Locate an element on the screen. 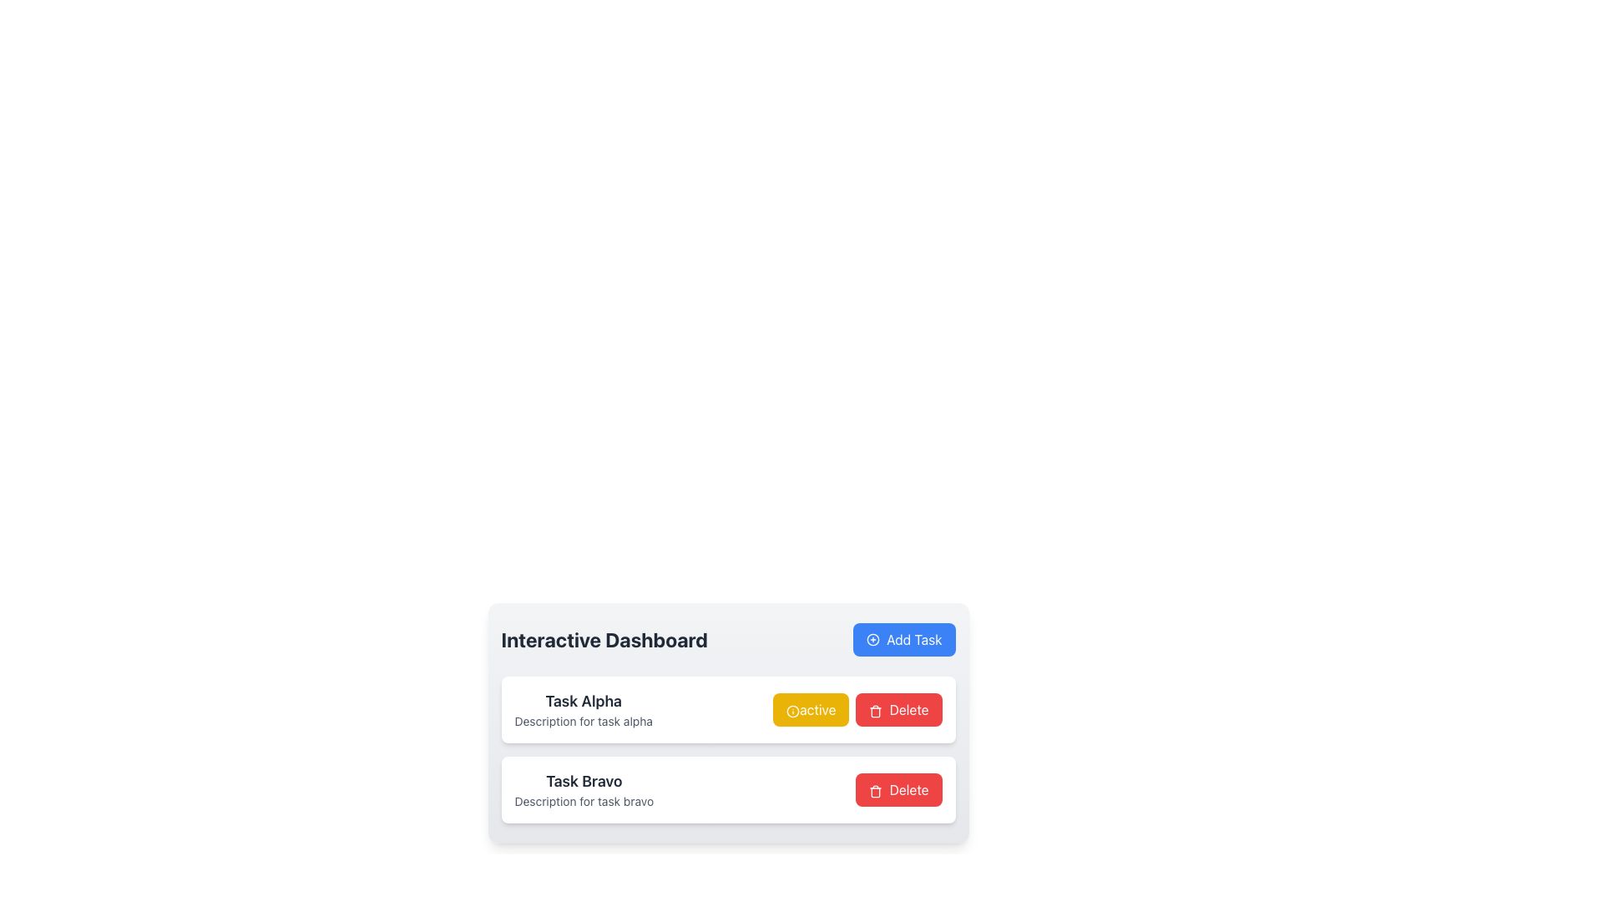 The height and width of the screenshot is (901, 1603). the Text Display with Multi-line Formatting that shows the title 'Task Bravo' and description 'Description for task bravo' is located at coordinates (584, 789).